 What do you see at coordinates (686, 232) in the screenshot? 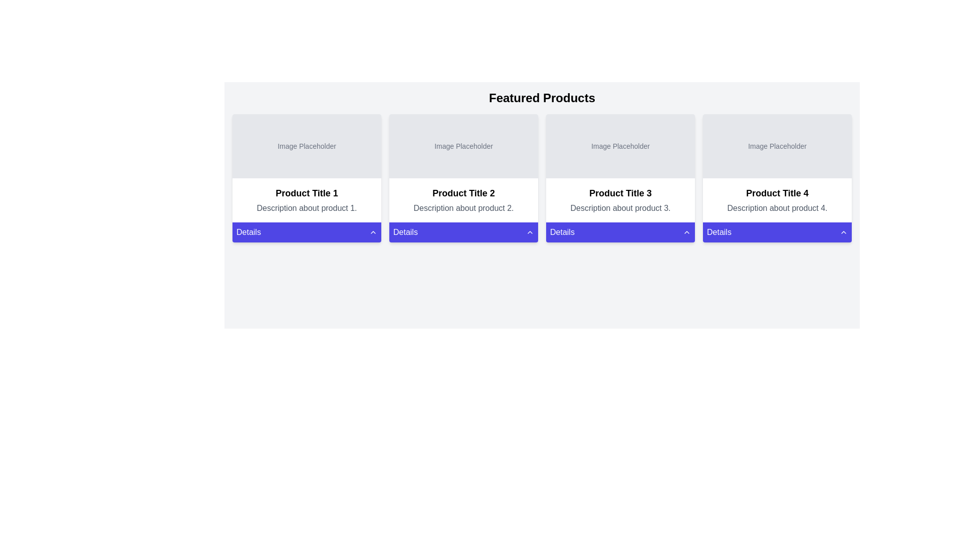
I see `the small upward-pointing chevron icon within the purple 'Details' button located beneath the 'Product Title 4' card` at bounding box center [686, 232].